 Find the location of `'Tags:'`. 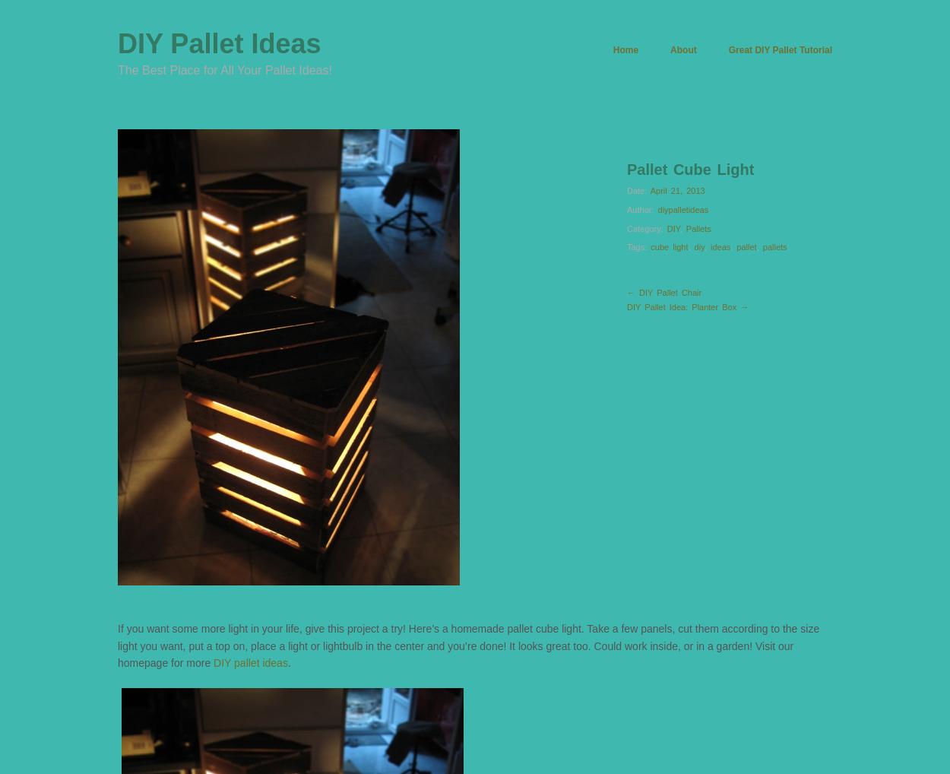

'Tags:' is located at coordinates (638, 246).